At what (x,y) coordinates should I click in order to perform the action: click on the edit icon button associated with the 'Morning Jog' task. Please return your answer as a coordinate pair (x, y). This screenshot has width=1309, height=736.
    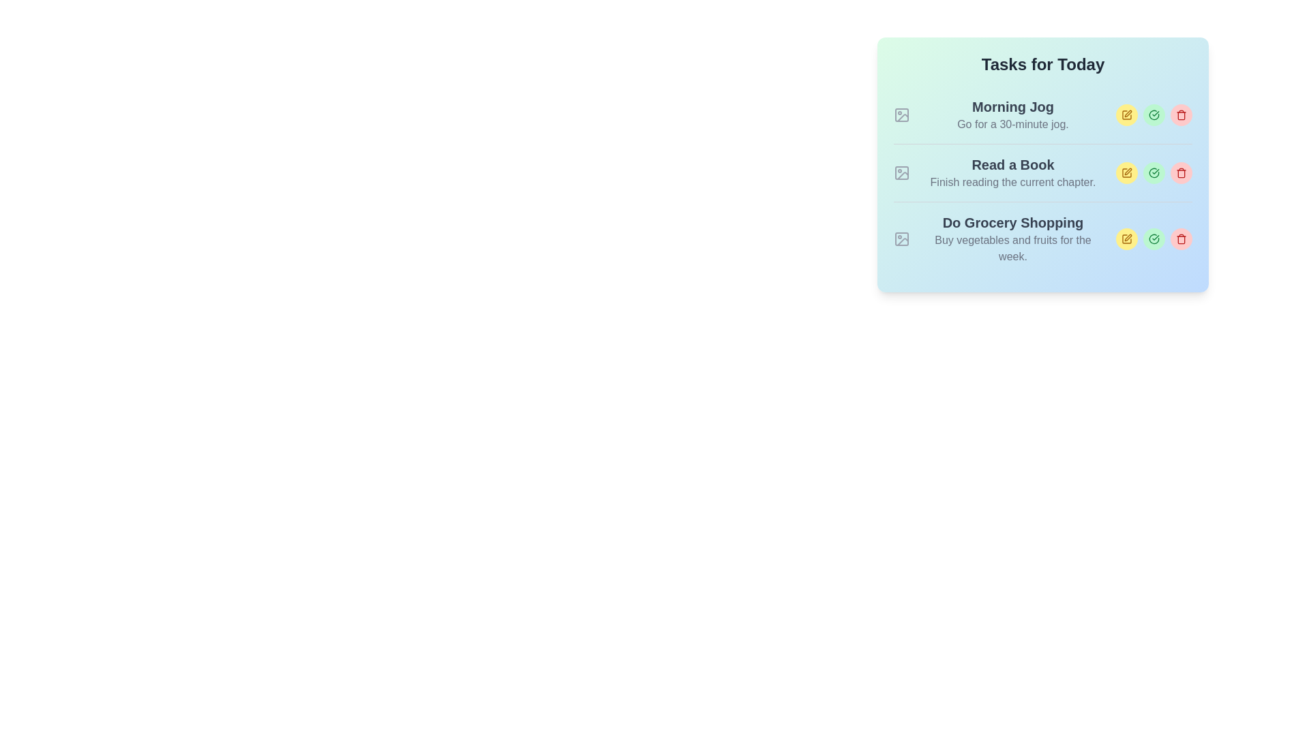
    Looking at the image, I should click on (1126, 114).